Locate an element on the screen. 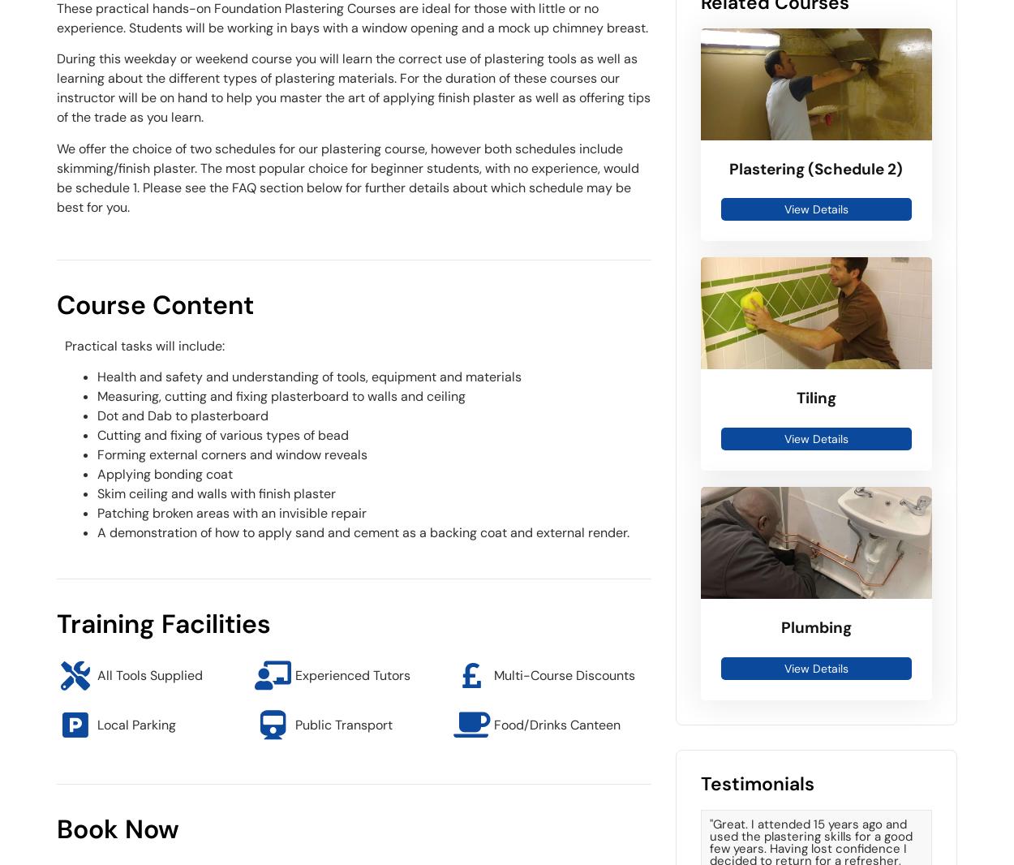 This screenshot has height=865, width=1014. 'Health and safety and understanding of tools, equipment and materials' is located at coordinates (309, 377).